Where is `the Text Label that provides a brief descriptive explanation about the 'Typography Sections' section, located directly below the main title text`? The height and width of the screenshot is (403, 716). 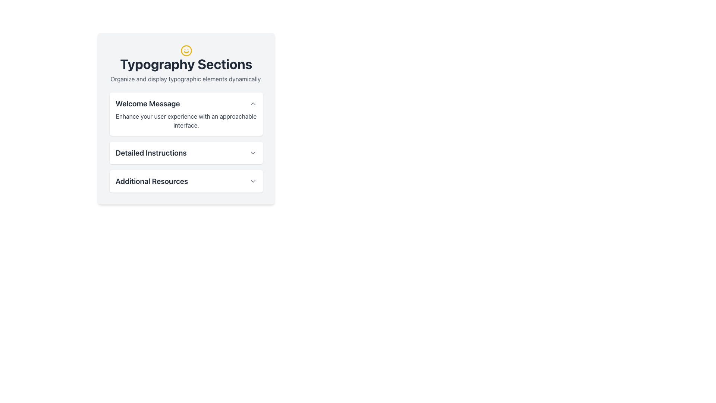 the Text Label that provides a brief descriptive explanation about the 'Typography Sections' section, located directly below the main title text is located at coordinates (186, 78).